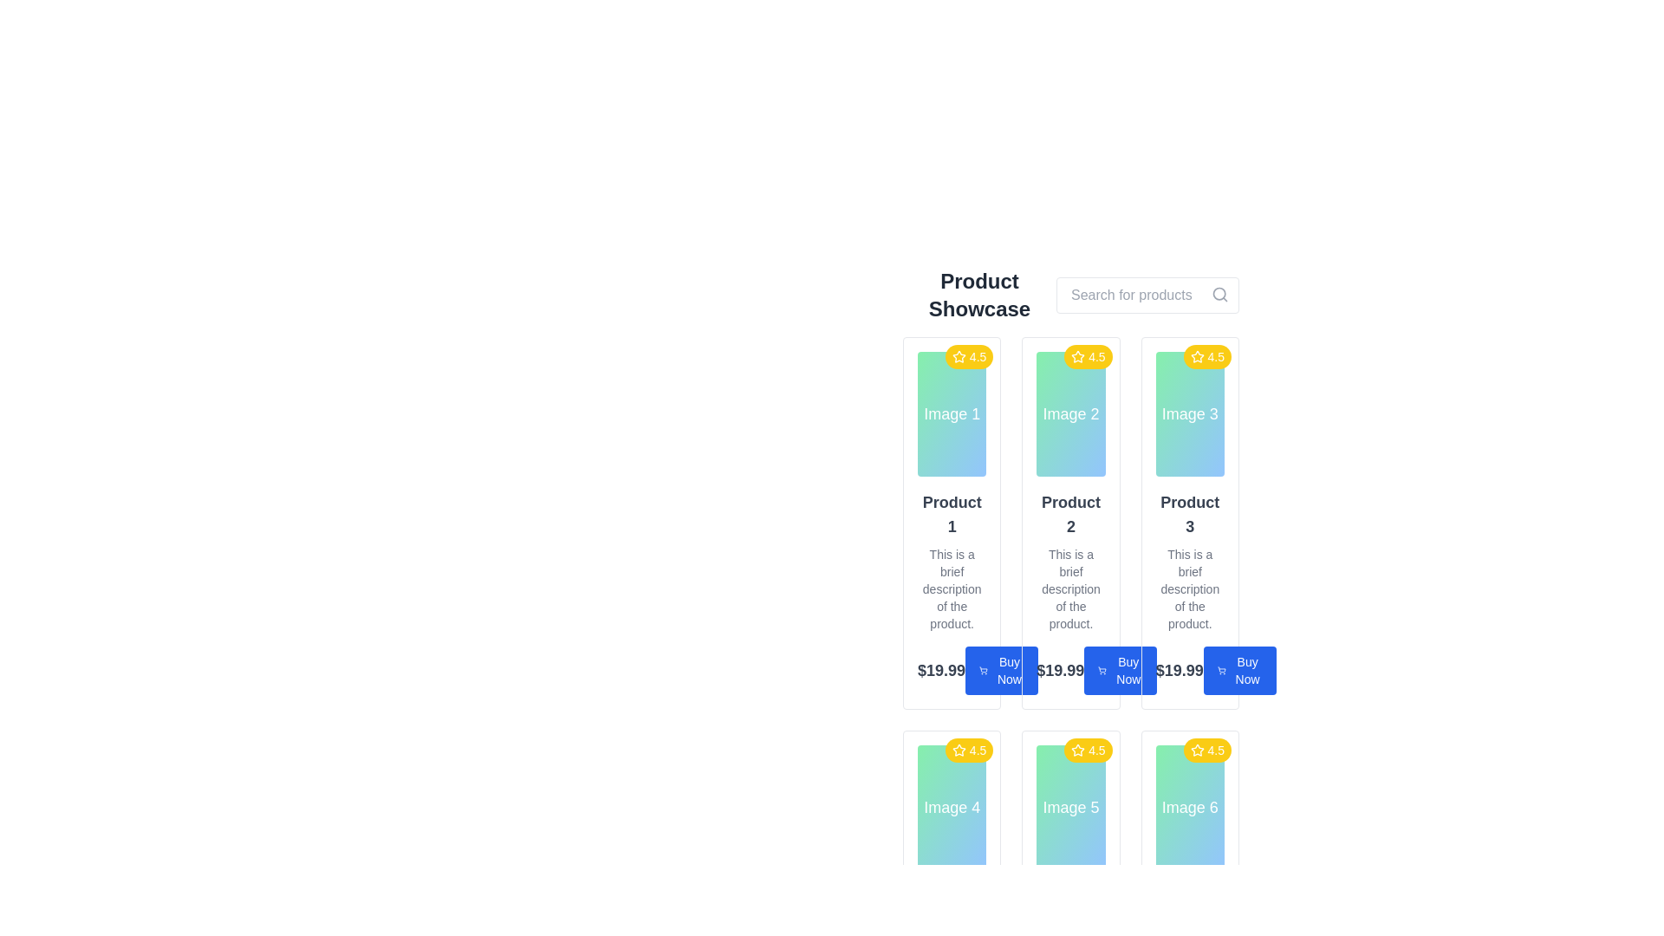  I want to click on the yellow star-shaped ratings icon located in the 'Image 6' product card, which is adjacent to the text '4.5', to visually associate with the rating value, so click(1196, 749).